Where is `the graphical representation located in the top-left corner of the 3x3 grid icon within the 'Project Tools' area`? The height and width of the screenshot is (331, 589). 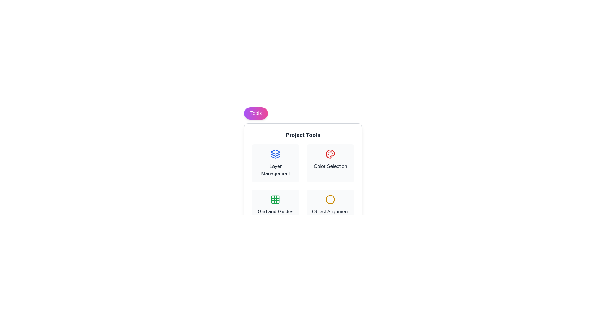
the graphical representation located in the top-left corner of the 3x3 grid icon within the 'Project Tools' area is located at coordinates (275, 200).